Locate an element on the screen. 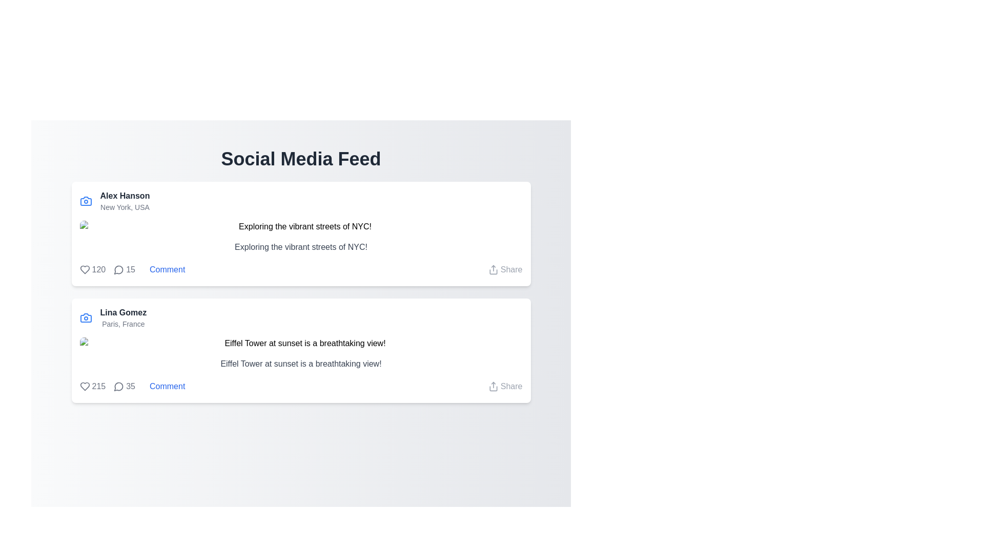  the circular speech bubble icon outlined in black, which is located to the immediate right of the heart icon with the numeric value (120) and precedes the numeric label (15) and the 'Comment' link is located at coordinates (118, 269).